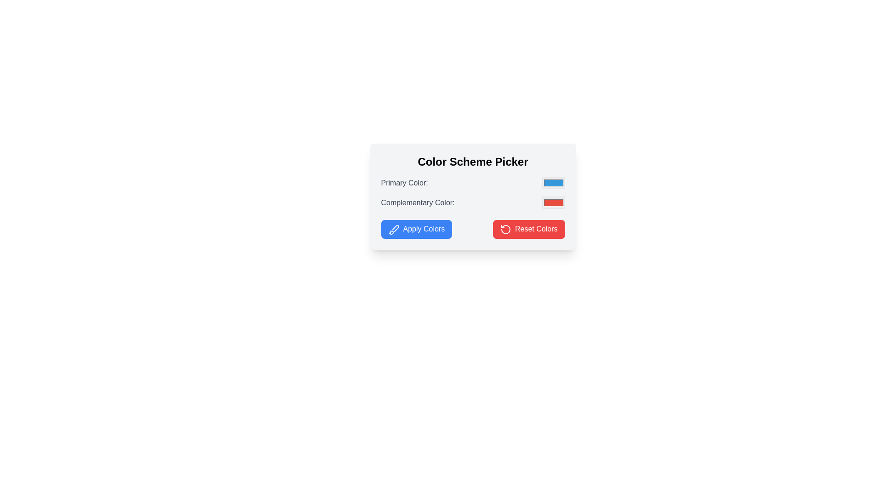 Image resolution: width=883 pixels, height=497 pixels. I want to click on the labels of the color input elements in the 'Color Scheme Picker' module, so click(473, 192).